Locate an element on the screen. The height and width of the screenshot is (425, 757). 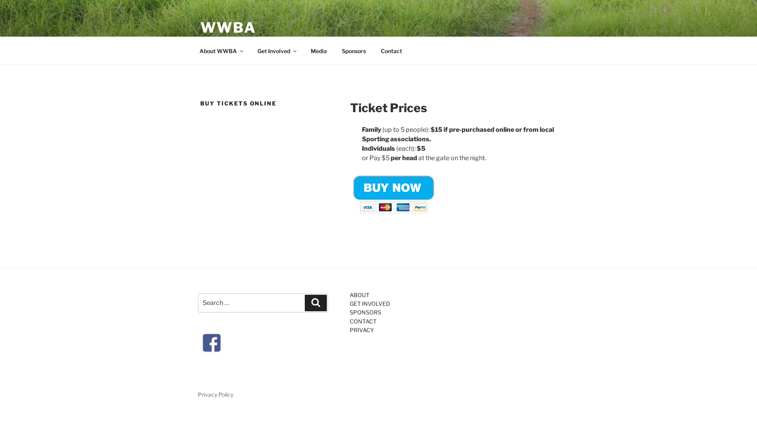
'Contact' is located at coordinates (391, 50).